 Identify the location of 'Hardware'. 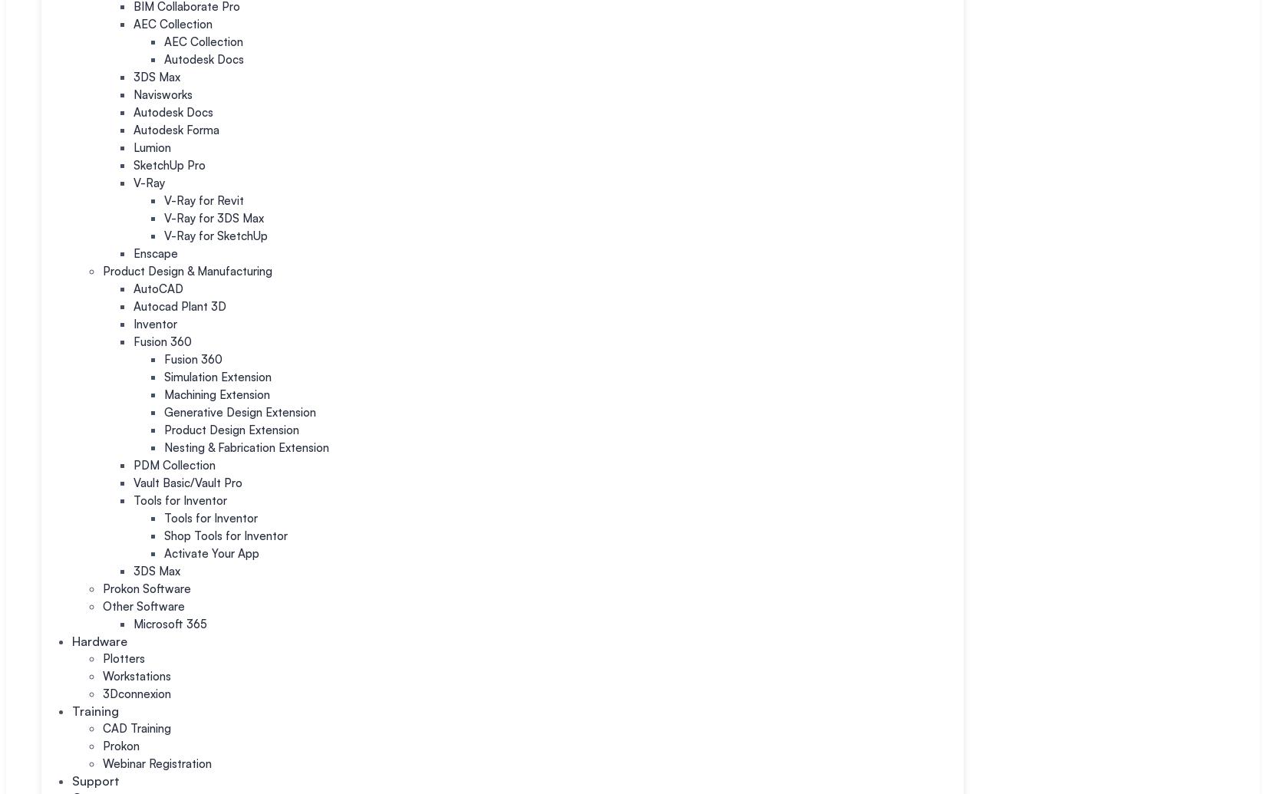
(100, 640).